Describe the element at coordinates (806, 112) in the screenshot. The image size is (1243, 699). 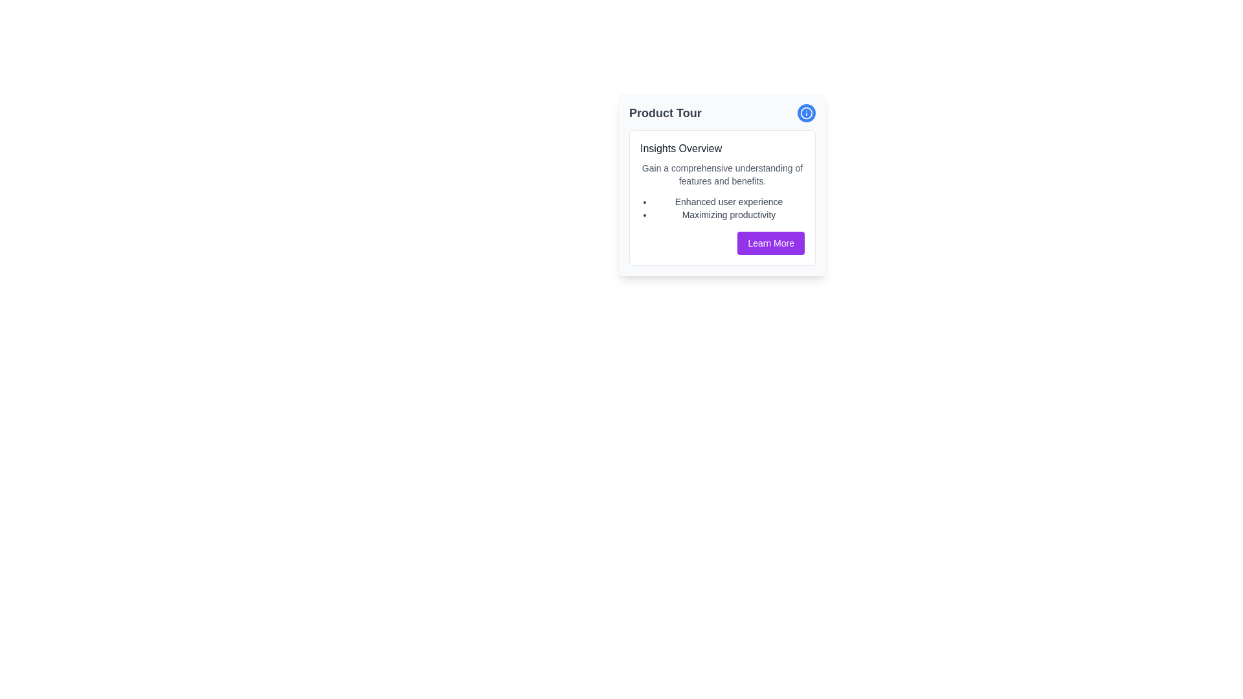
I see `the blue circular information icon with a white outline located at the top-right of the 'Product Tour' card` at that location.